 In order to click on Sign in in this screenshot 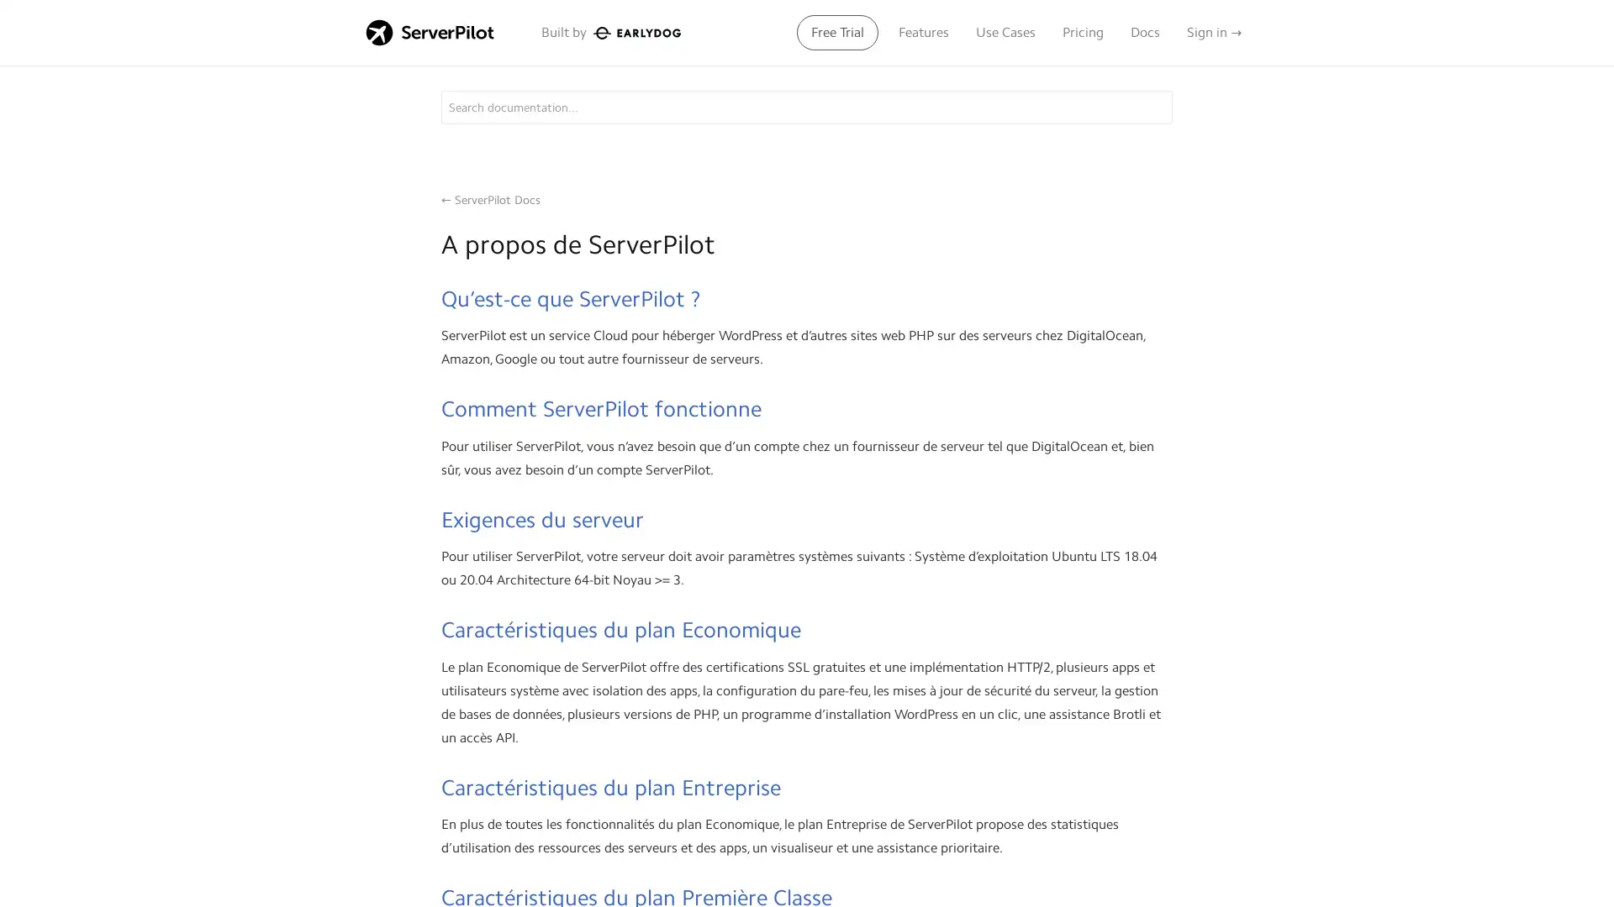, I will do `click(1214, 32)`.